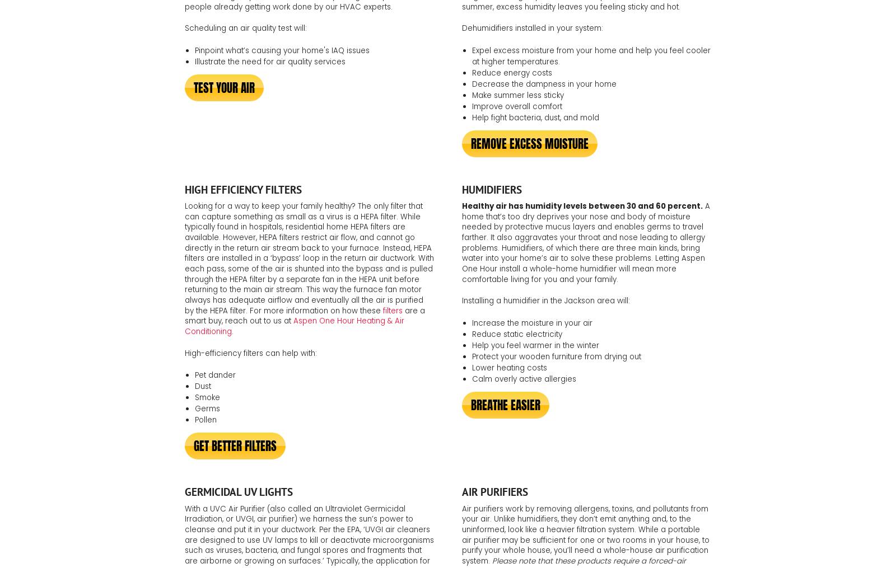 This screenshot has width=896, height=568. What do you see at coordinates (281, 50) in the screenshot?
I see `'Pinpoint what’s causing your home's IAQ issues'` at bounding box center [281, 50].